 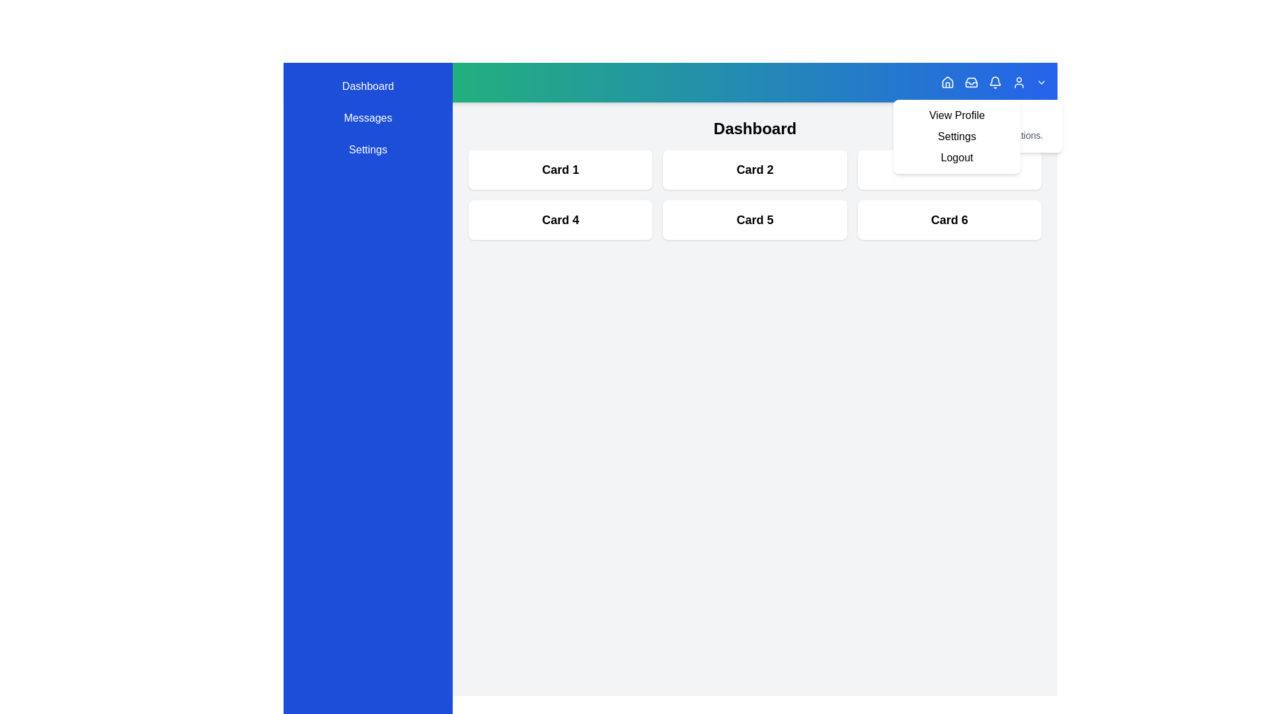 I want to click on the lower part of the notification bell icon located in the top-right corner of the interface, so click(x=995, y=81).